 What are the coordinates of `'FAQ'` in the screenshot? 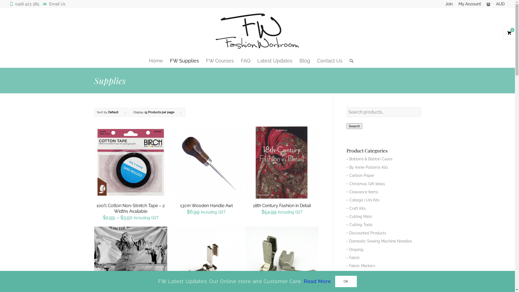 It's located at (245, 61).